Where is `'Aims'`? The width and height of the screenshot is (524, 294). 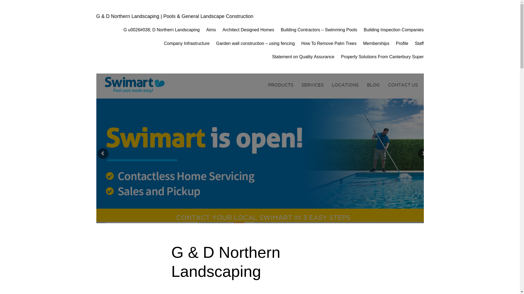
'Aims' is located at coordinates (211, 30).